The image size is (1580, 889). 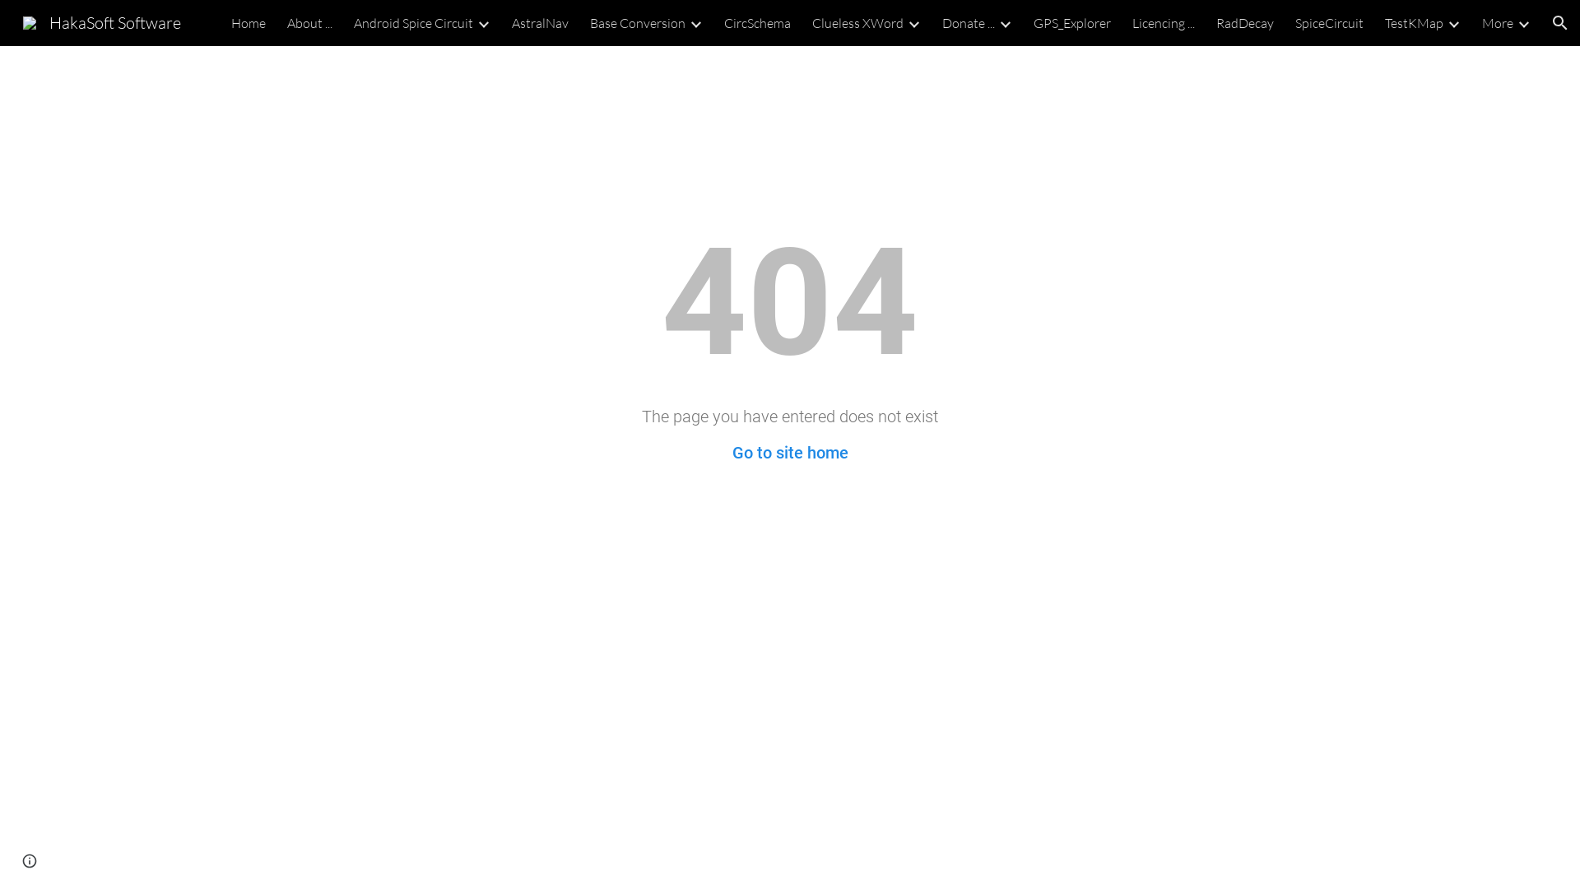 I want to click on 'Base Conversion', so click(x=636, y=22).